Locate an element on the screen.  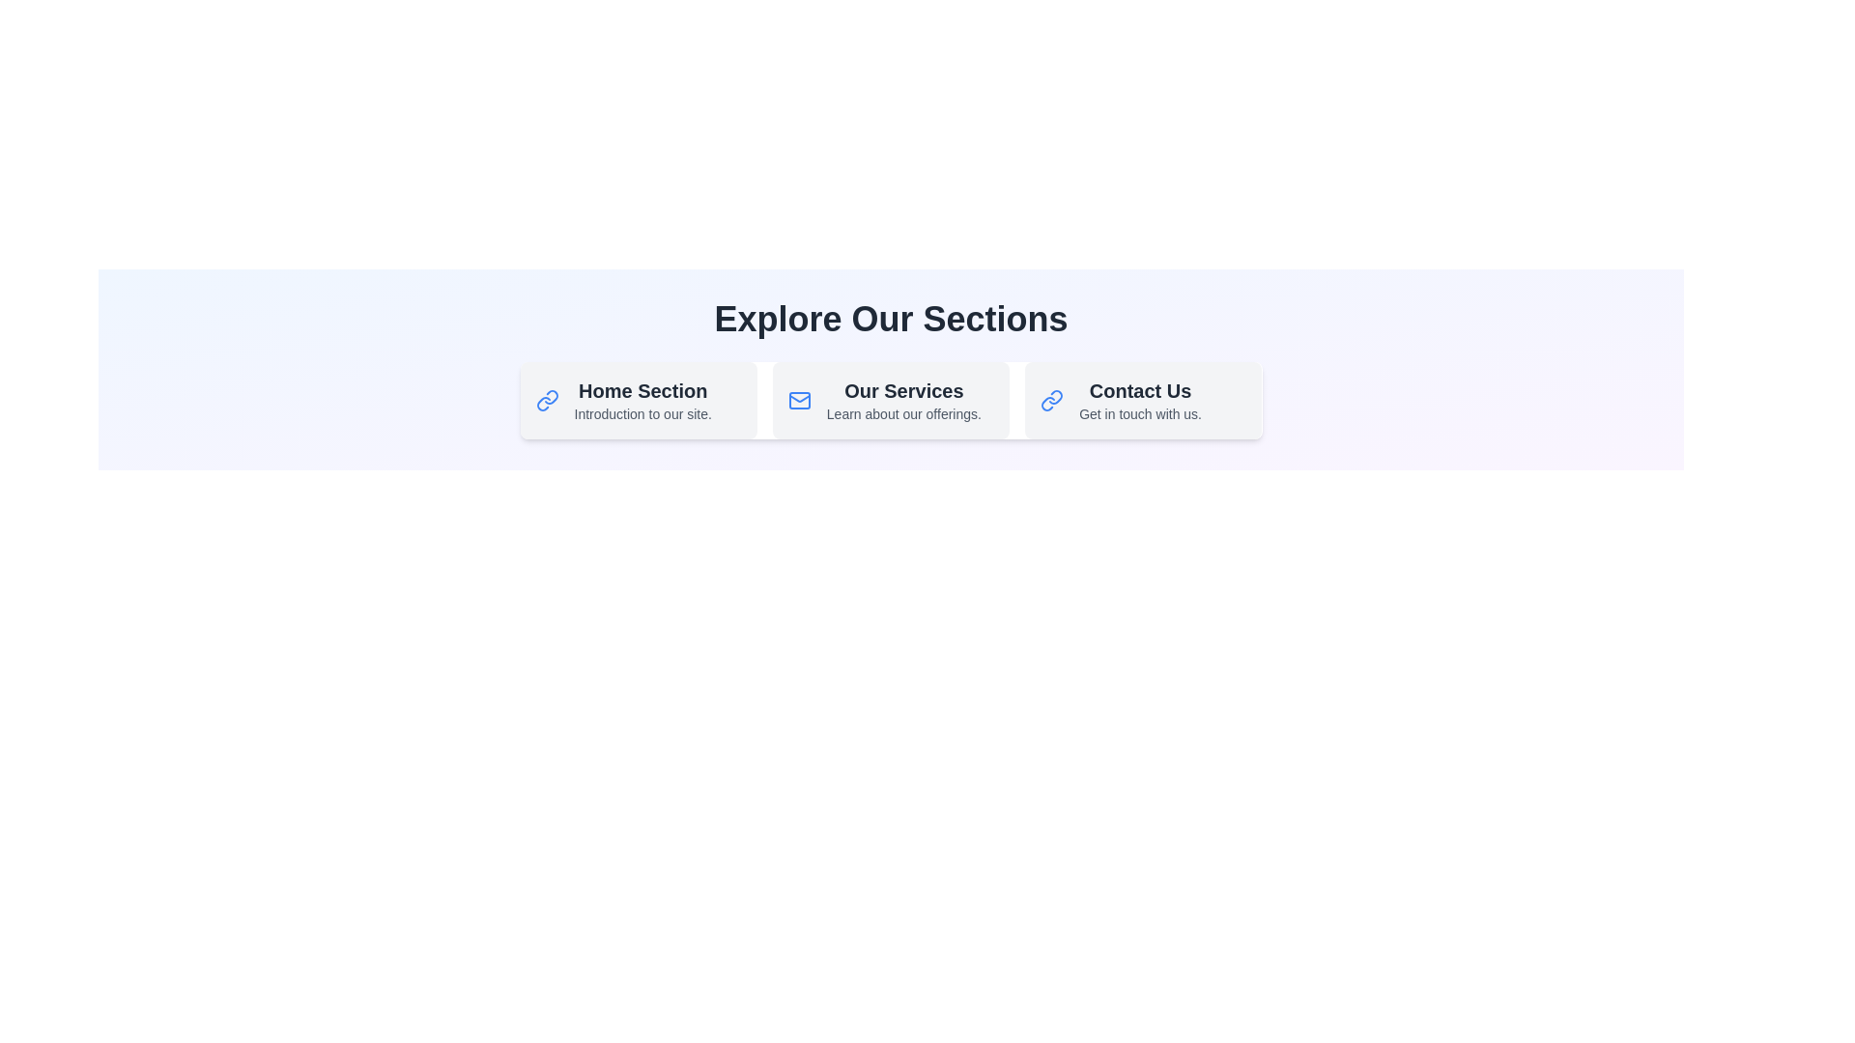
the 'Contact Us' informational panel, which has a light gray background, rounded corners, and contains a bold title stating 'Contact Us' with a blue linked chain icon to the left is located at coordinates (1143, 400).